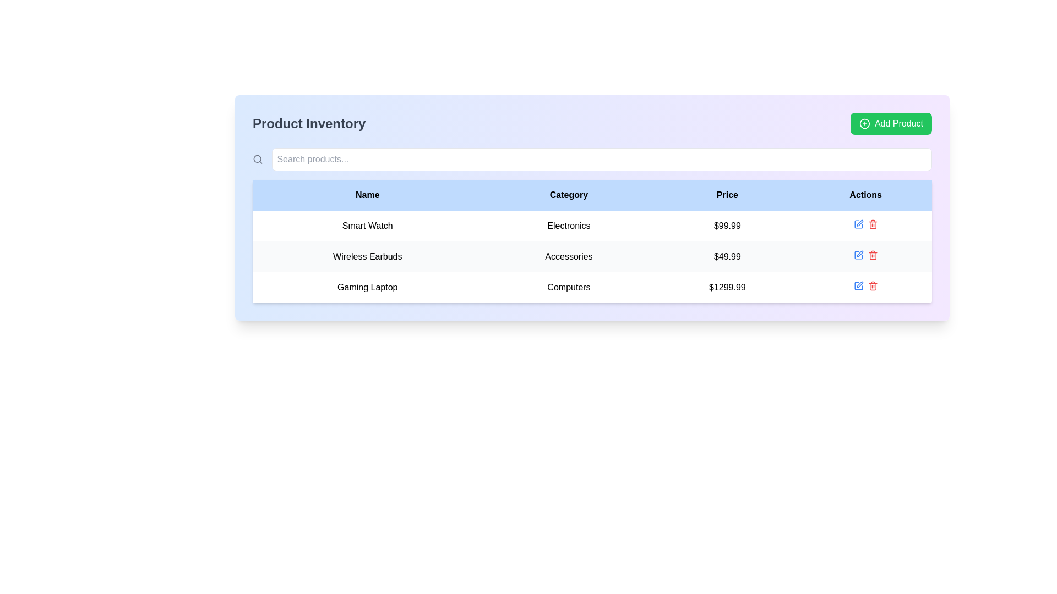 Image resolution: width=1057 pixels, height=594 pixels. I want to click on the tabular row item containing product details for 'Gaming Laptop', 'Computers', and '$1299.99' in the third row of the 'Product Inventory' table, so click(591, 287).